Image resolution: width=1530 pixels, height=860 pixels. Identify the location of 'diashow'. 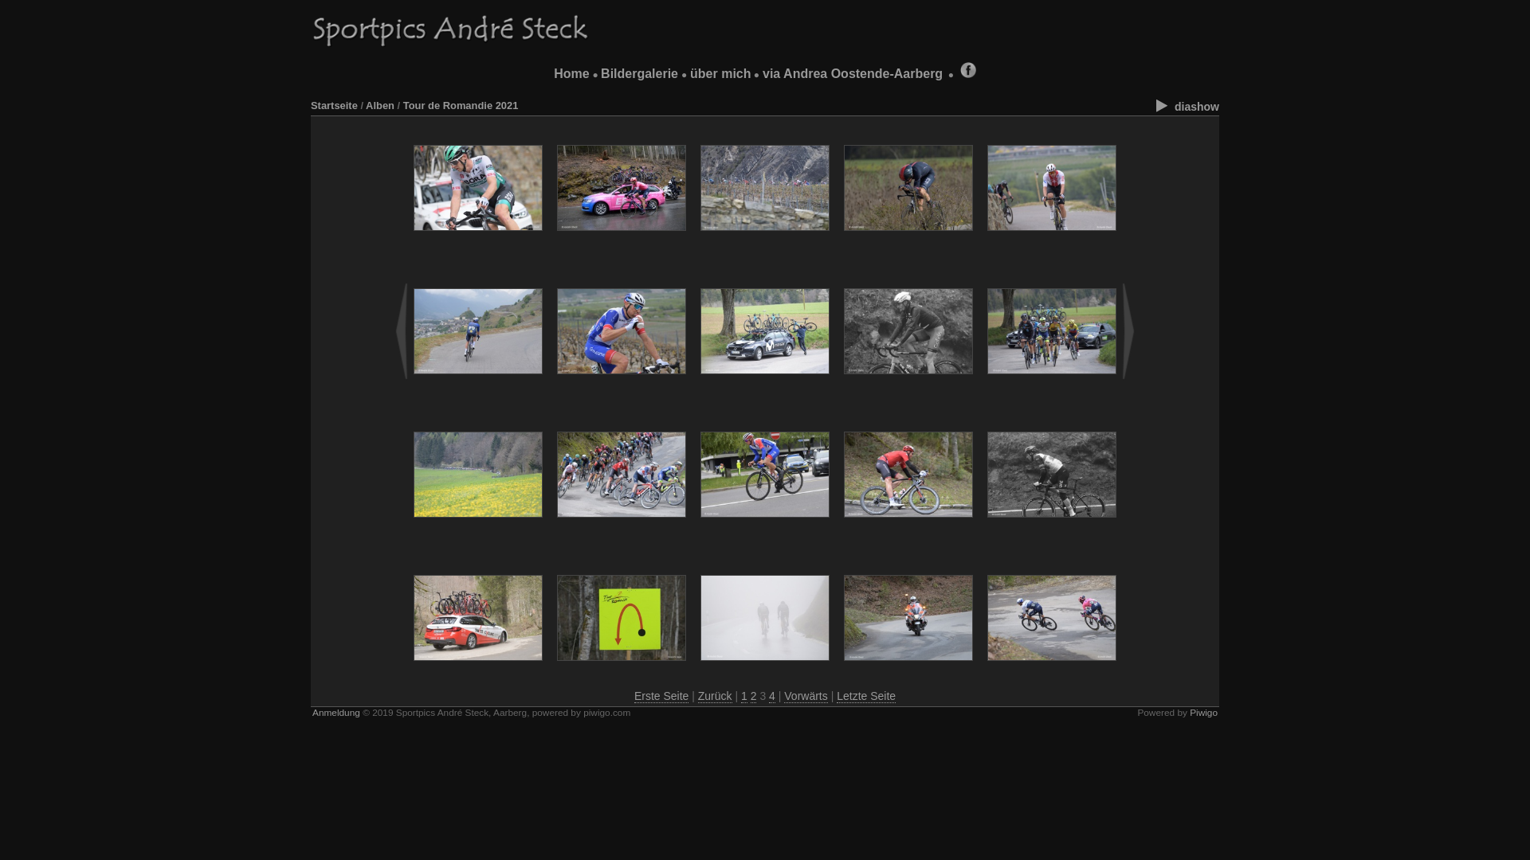
(1185, 107).